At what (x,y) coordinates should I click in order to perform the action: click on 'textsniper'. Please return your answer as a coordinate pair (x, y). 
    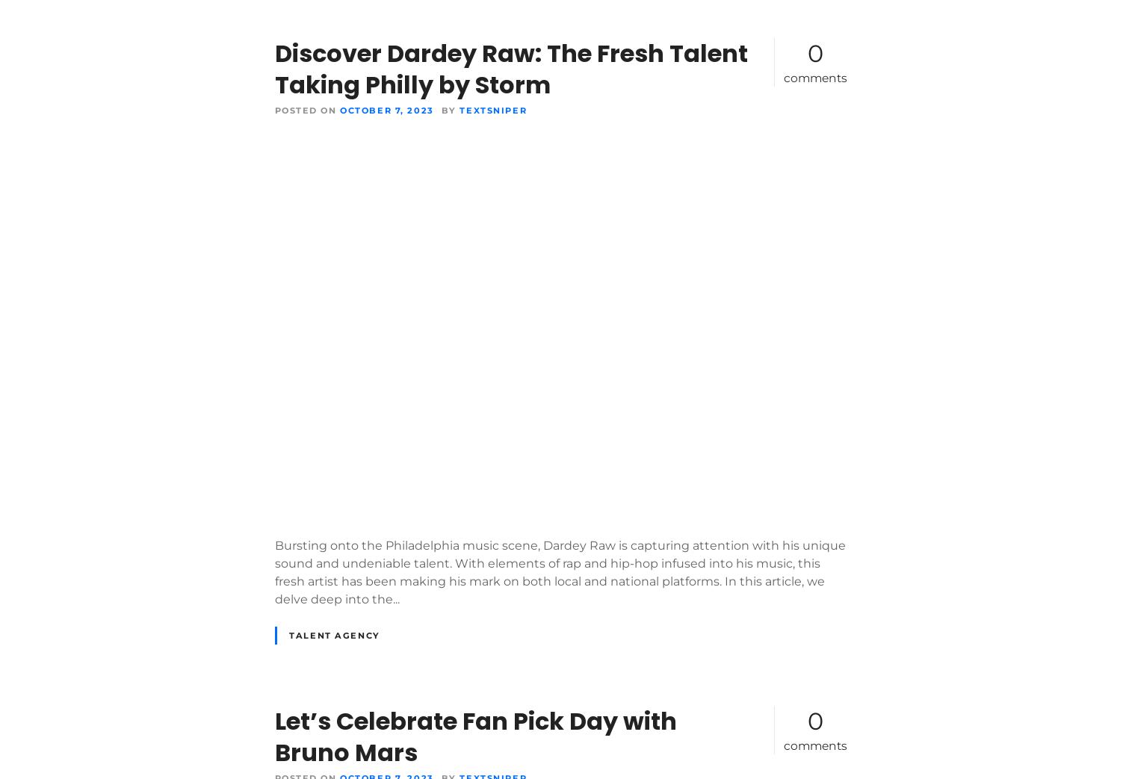
    Looking at the image, I should click on (492, 109).